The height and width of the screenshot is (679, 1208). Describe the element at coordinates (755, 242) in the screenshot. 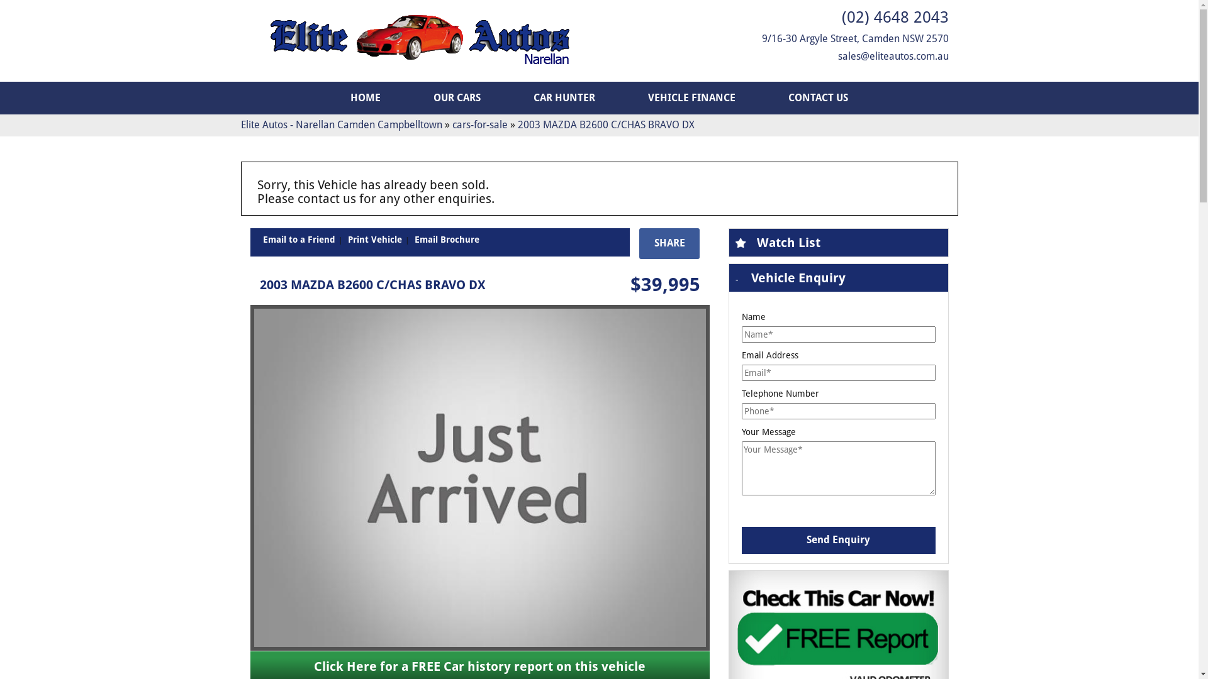

I see `'Watch List'` at that location.